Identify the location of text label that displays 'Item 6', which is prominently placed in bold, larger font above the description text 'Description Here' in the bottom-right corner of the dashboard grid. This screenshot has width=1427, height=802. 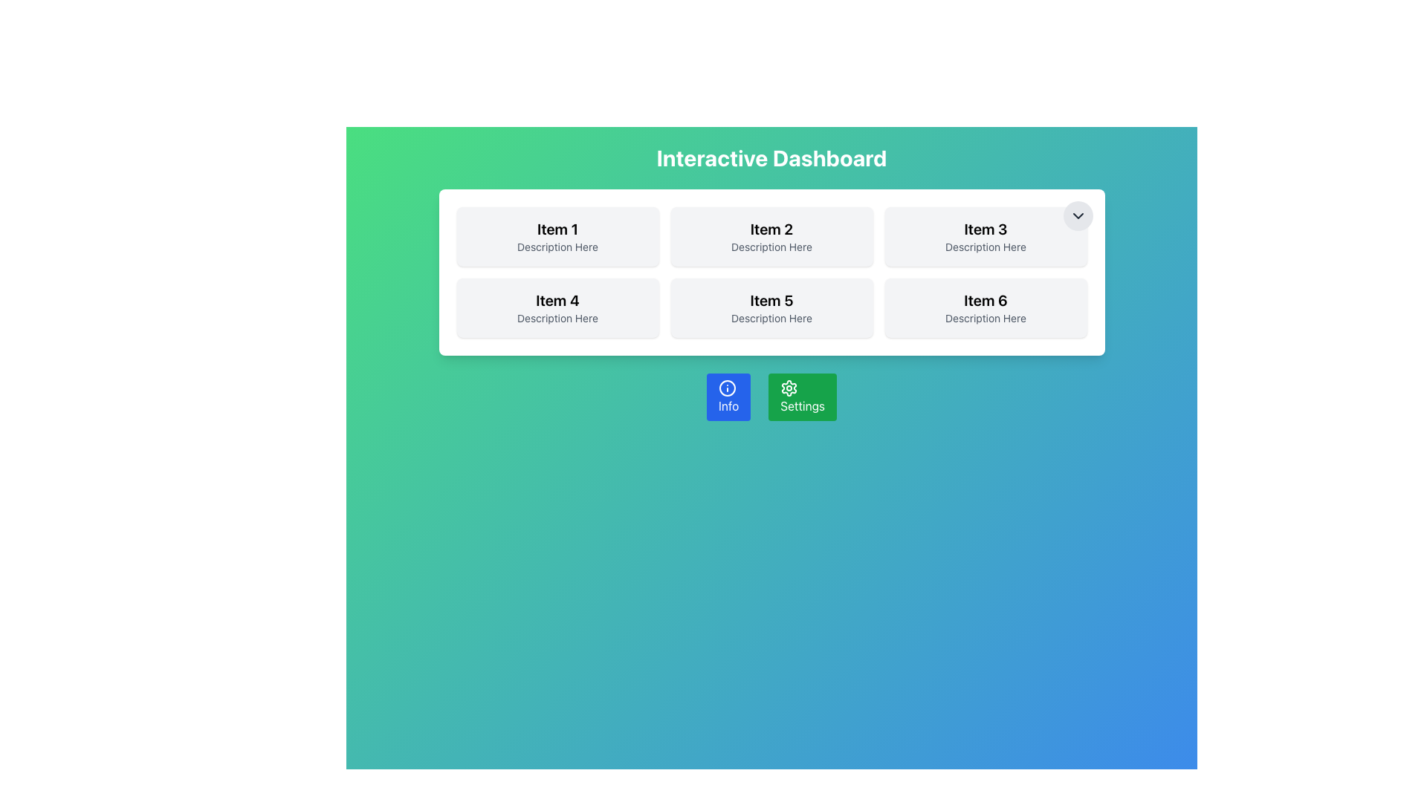
(986, 301).